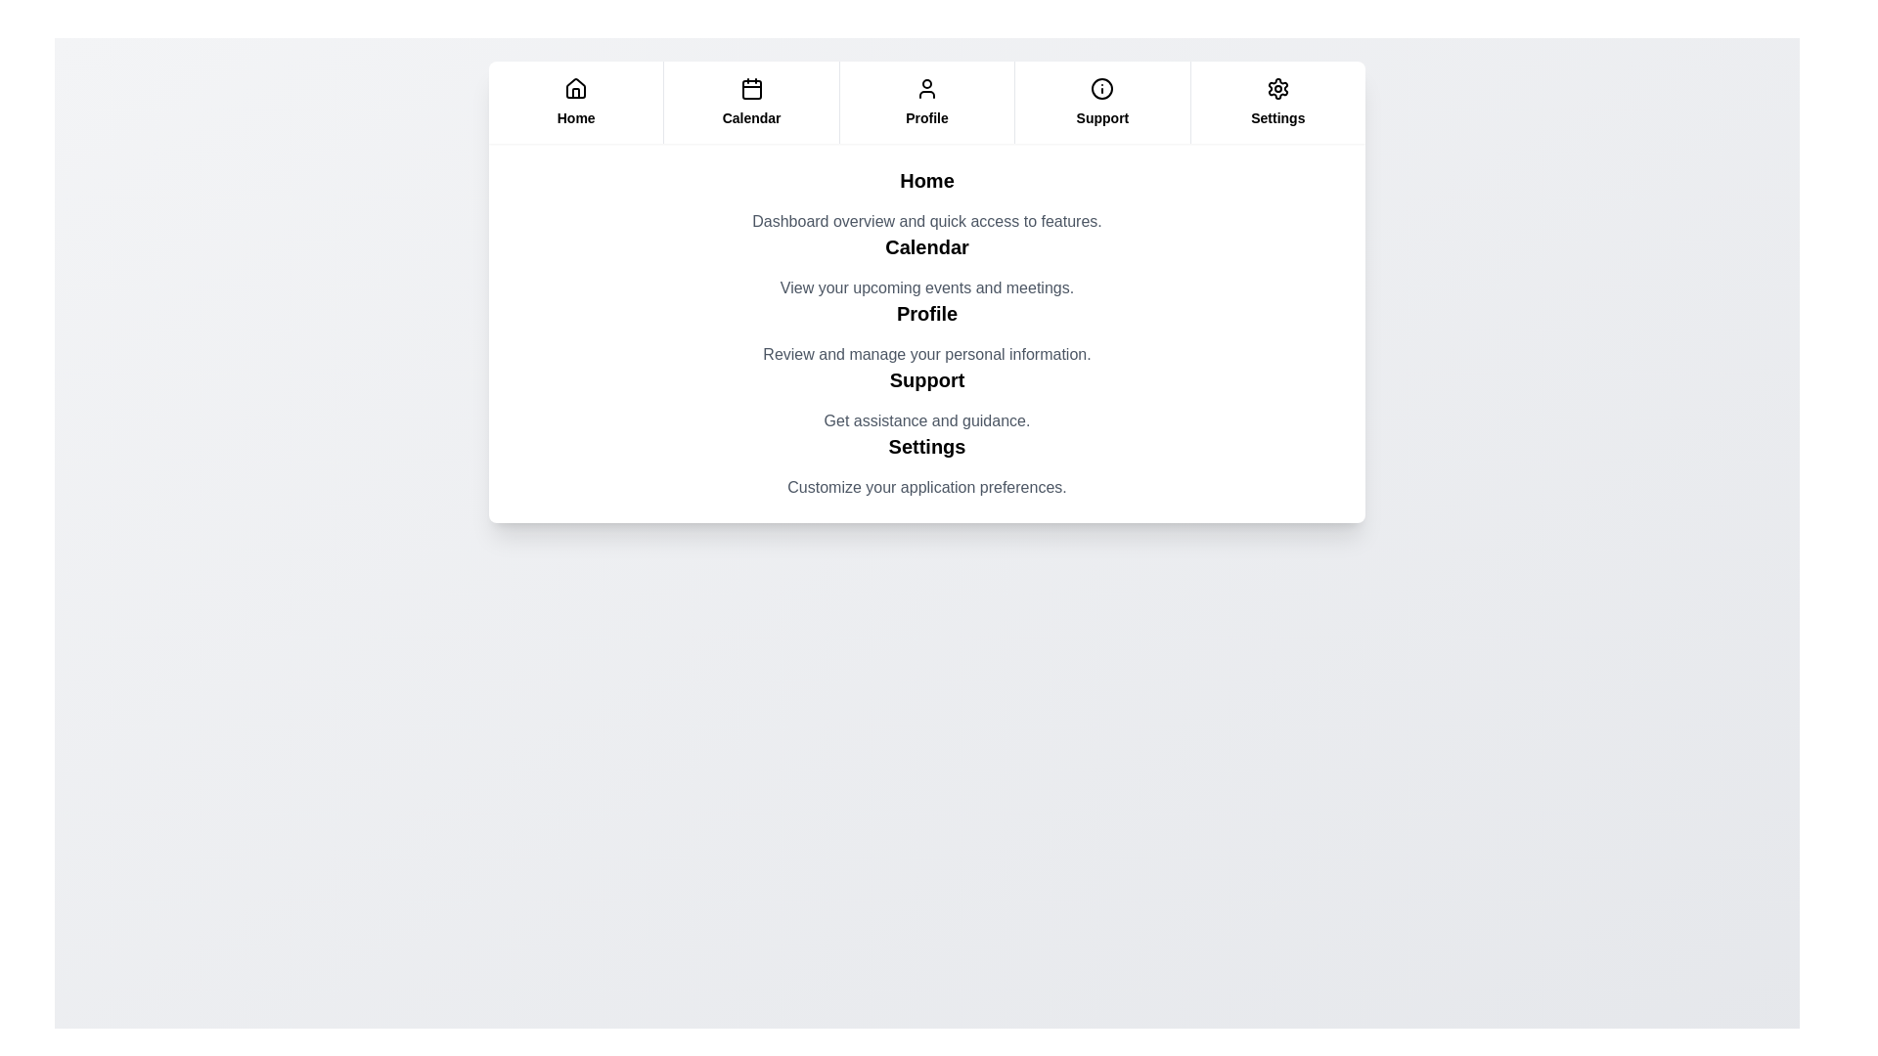  I want to click on the text header element labeled 'Settings', which is styled in bold and large font, positioned above the text 'Customize your application preferences', so click(926, 446).